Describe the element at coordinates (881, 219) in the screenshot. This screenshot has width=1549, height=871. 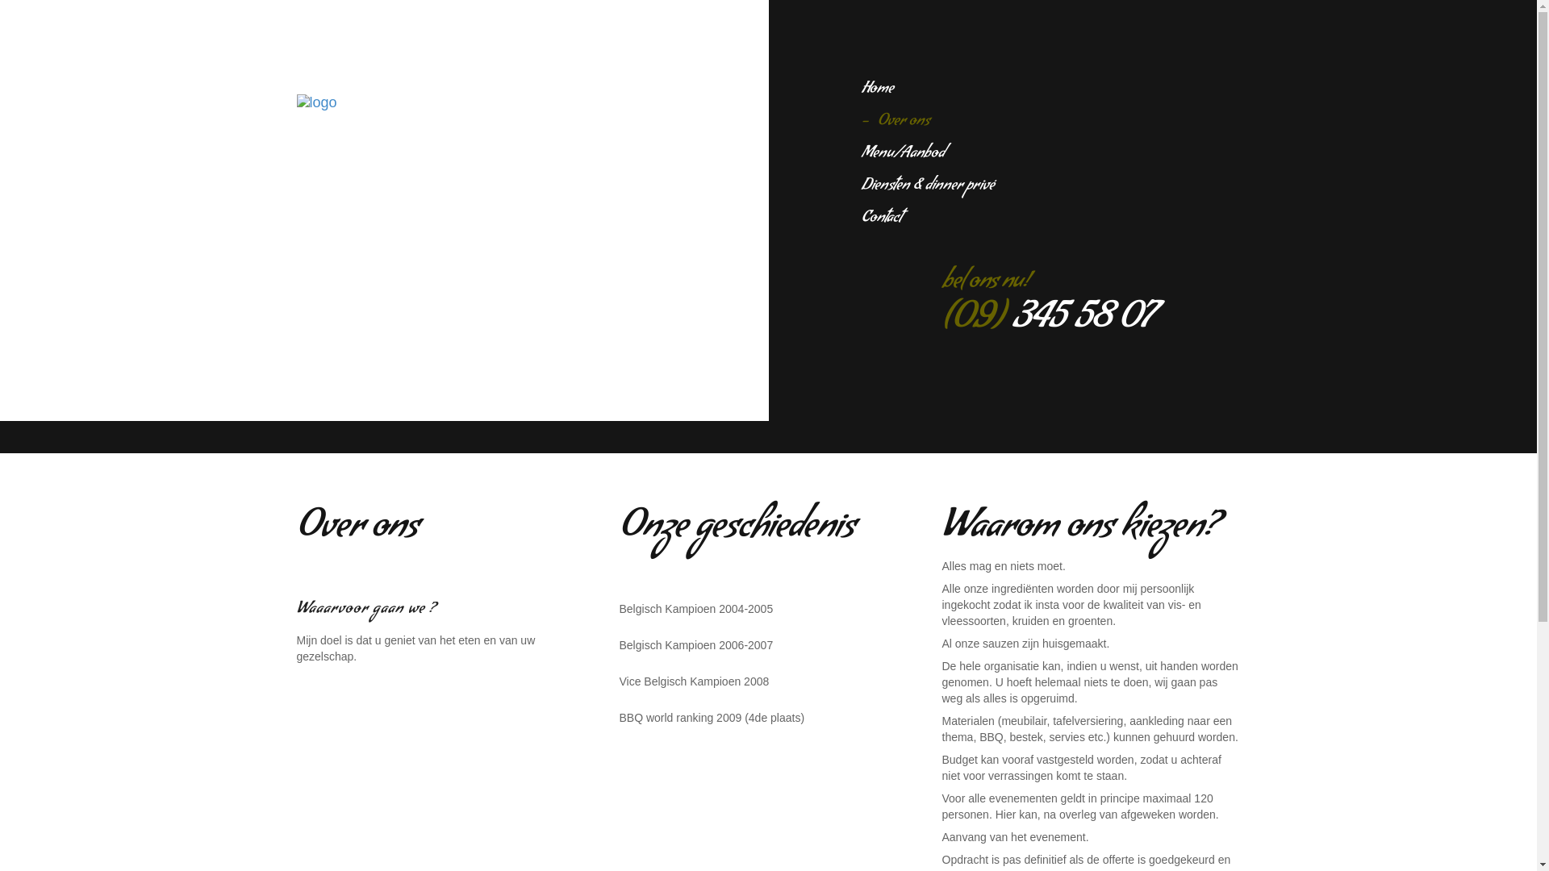
I see `'Contact'` at that location.